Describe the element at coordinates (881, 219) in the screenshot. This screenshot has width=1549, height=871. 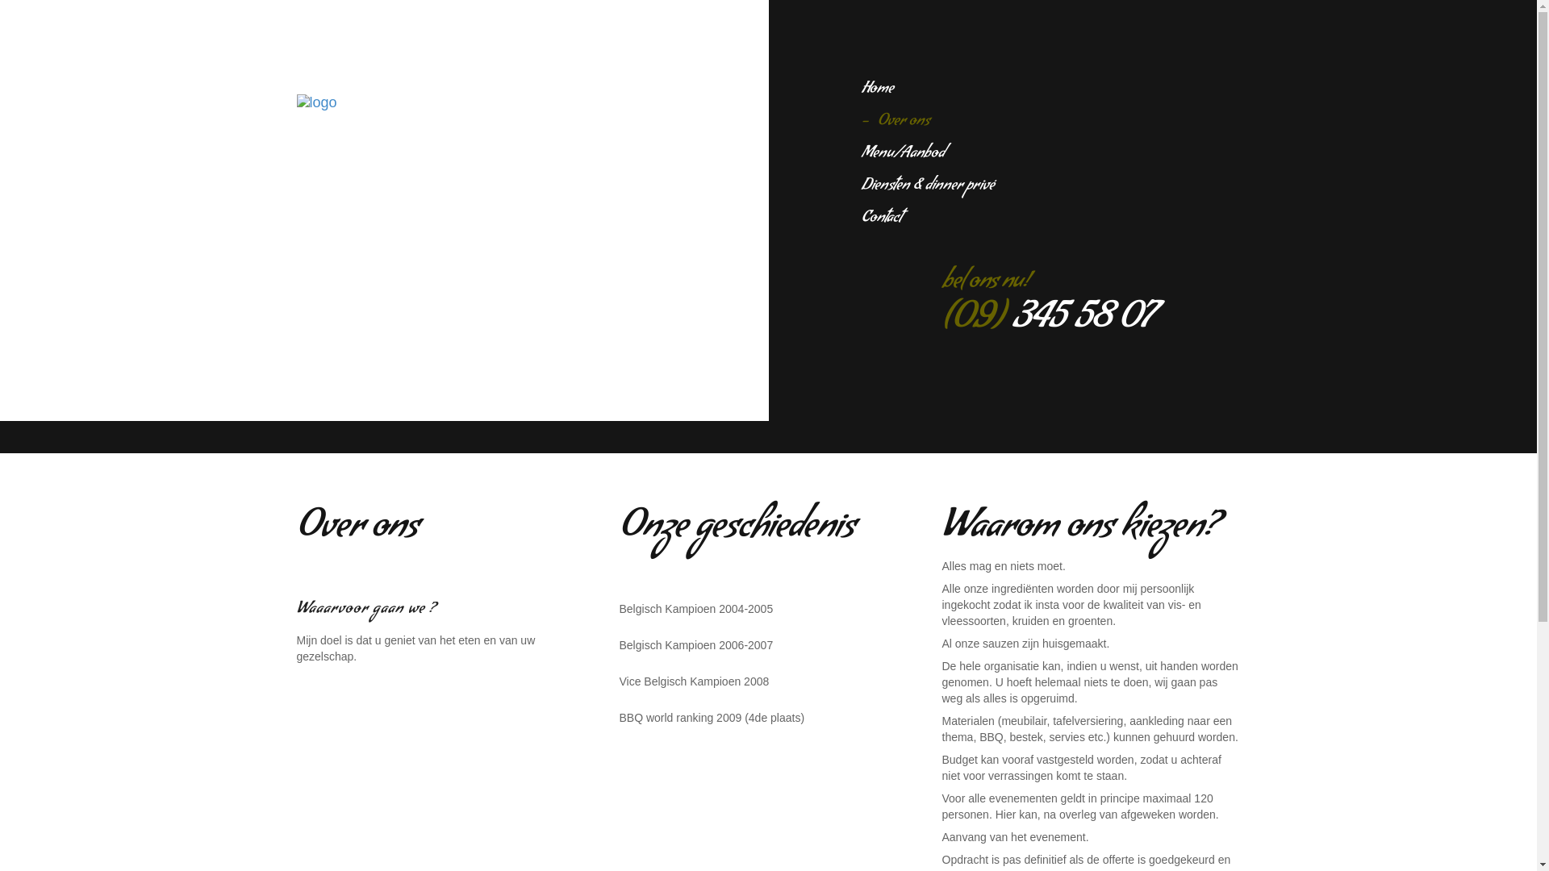
I see `'Contact'` at that location.